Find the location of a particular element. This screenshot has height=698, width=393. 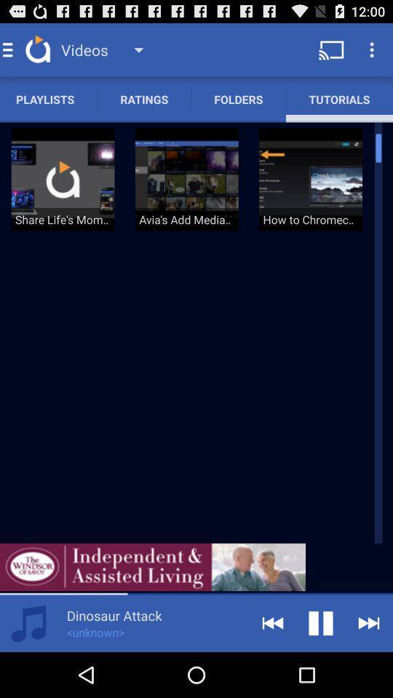

open advertisement is located at coordinates (152, 566).